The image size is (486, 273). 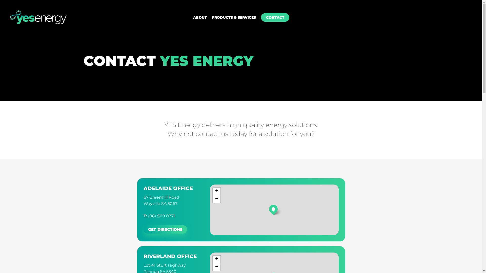 I want to click on 'PRODUCTS & SERVICES', so click(x=233, y=17).